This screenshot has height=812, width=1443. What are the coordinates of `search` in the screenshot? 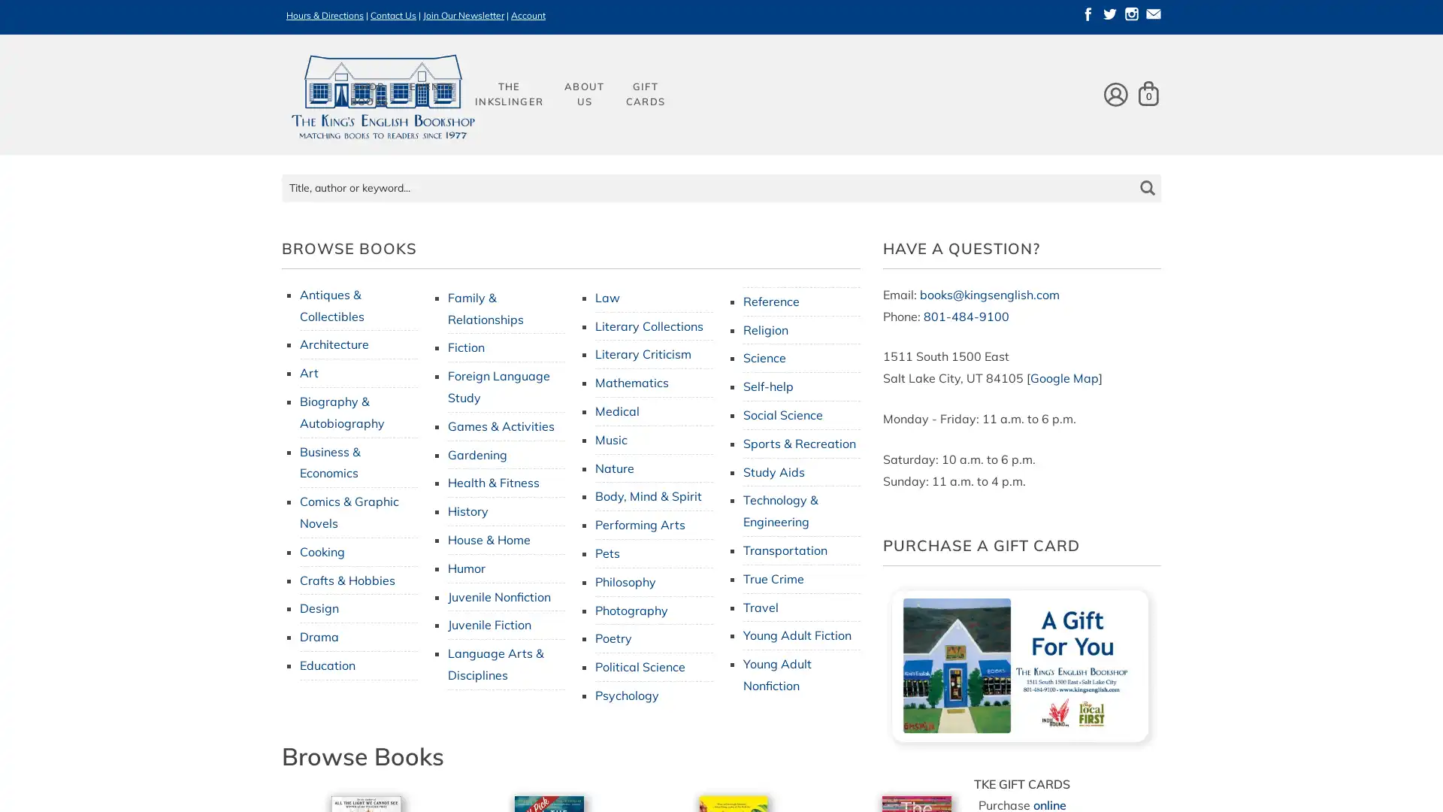 It's located at (1145, 176).